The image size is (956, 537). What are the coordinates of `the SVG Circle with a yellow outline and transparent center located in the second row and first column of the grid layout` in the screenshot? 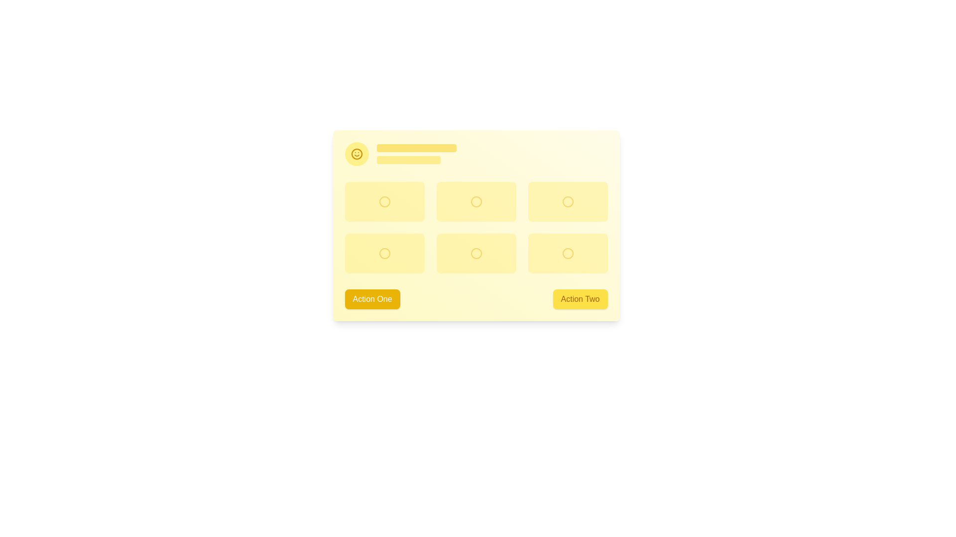 It's located at (384, 253).